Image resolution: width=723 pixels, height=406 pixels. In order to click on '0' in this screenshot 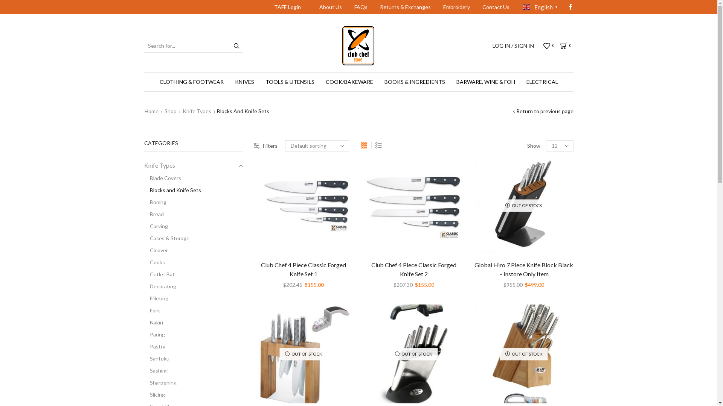, I will do `click(567, 46)`.